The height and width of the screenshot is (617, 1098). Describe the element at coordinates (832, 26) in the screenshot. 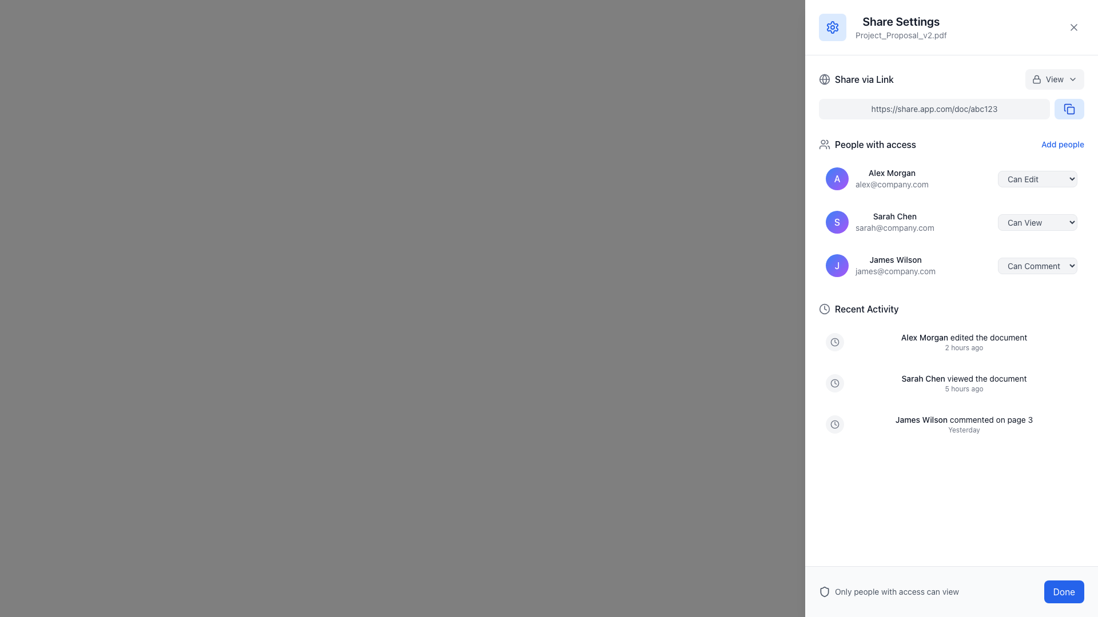

I see `the settings cog icon with a blue tint located at the top right corner of the panel in the SVG graphic` at that location.